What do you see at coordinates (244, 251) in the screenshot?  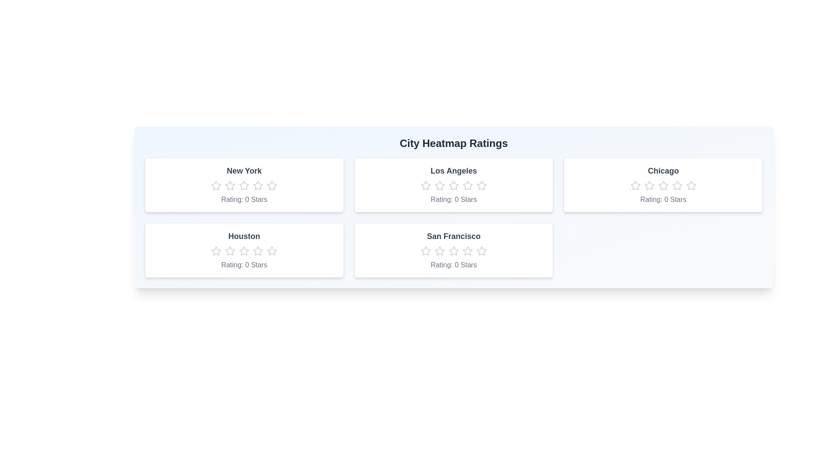 I see `the Houston rating star number 3` at bounding box center [244, 251].